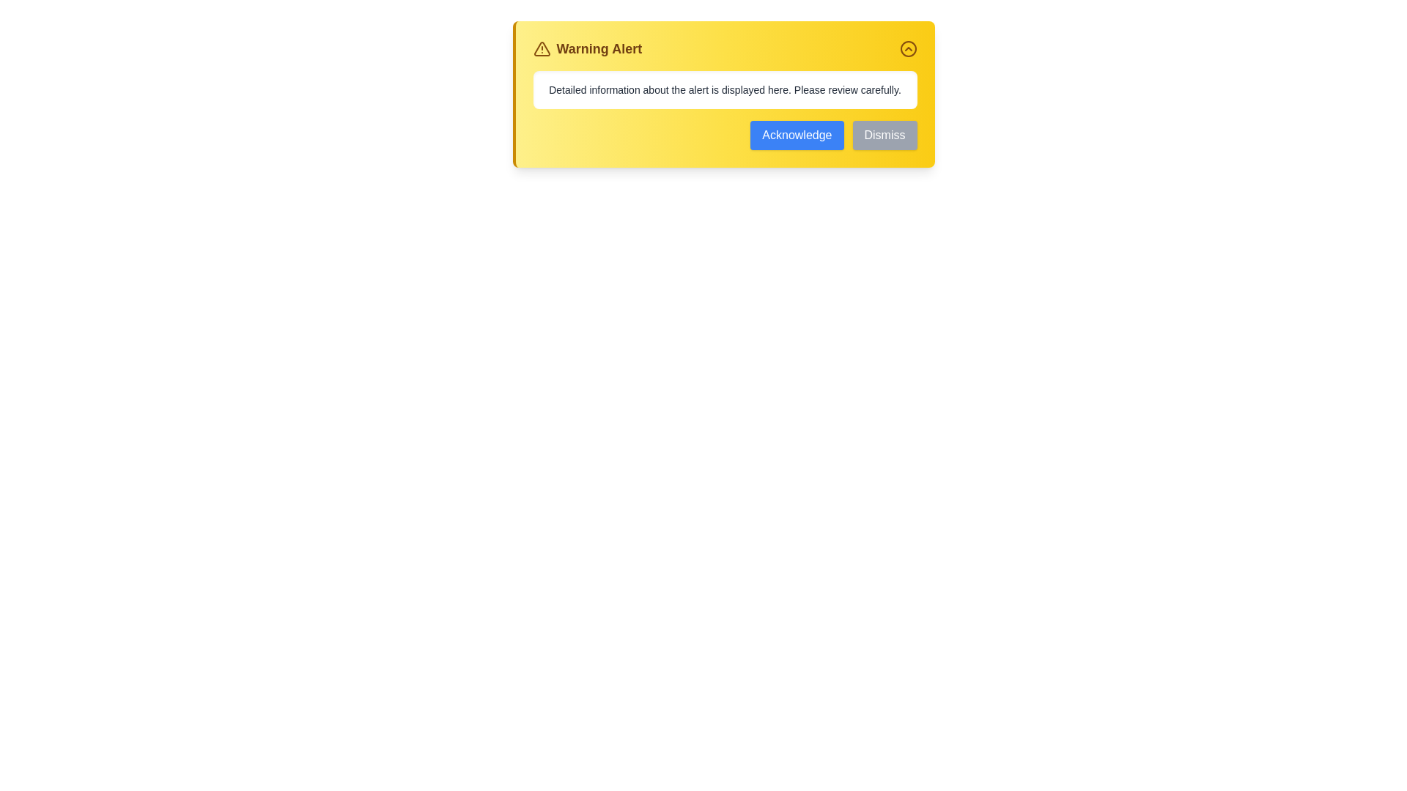 This screenshot has height=791, width=1407. What do you see at coordinates (907, 48) in the screenshot?
I see `the ChevronUpCircle button to collapse the alert details` at bounding box center [907, 48].